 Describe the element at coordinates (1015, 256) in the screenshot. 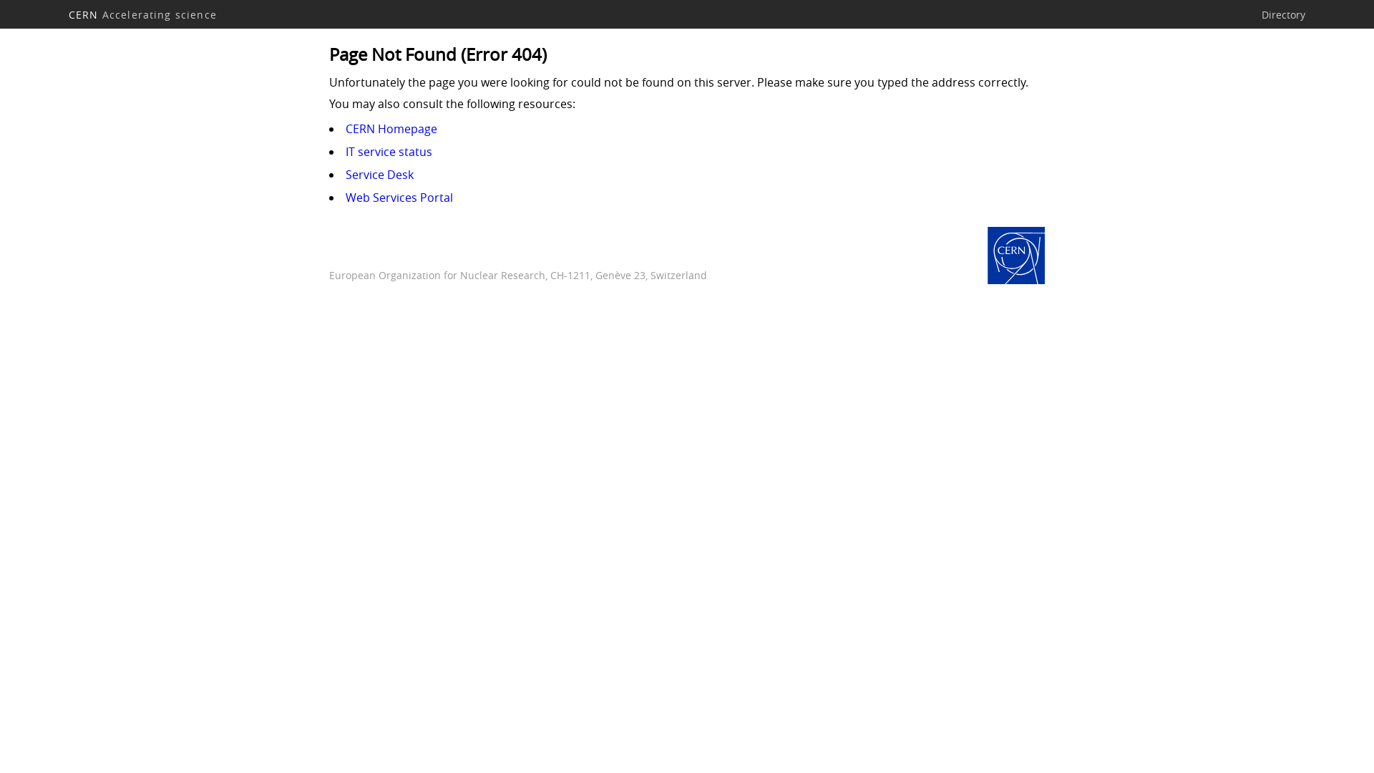

I see `'CERN Homepage'` at that location.